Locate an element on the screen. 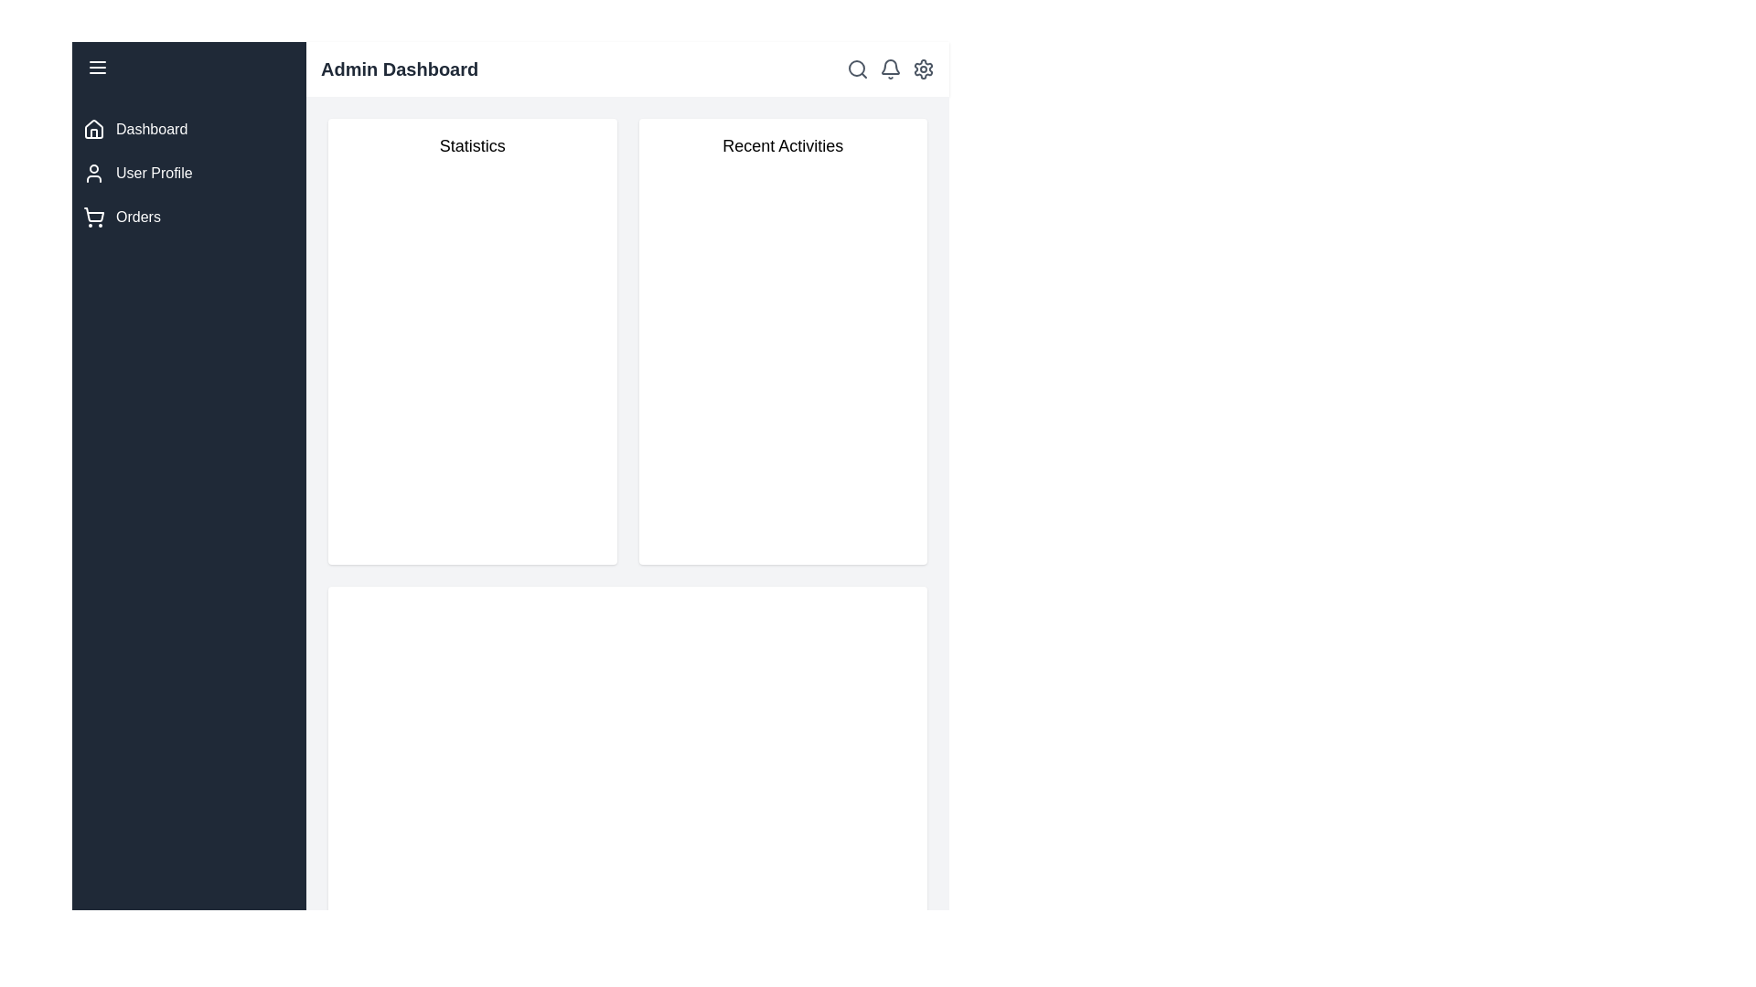 The height and width of the screenshot is (987, 1756). the 'Recent Activities' text label, which is a medium weight, larger font label located at the top of a white card on the right side of the main content area is located at coordinates (783, 144).